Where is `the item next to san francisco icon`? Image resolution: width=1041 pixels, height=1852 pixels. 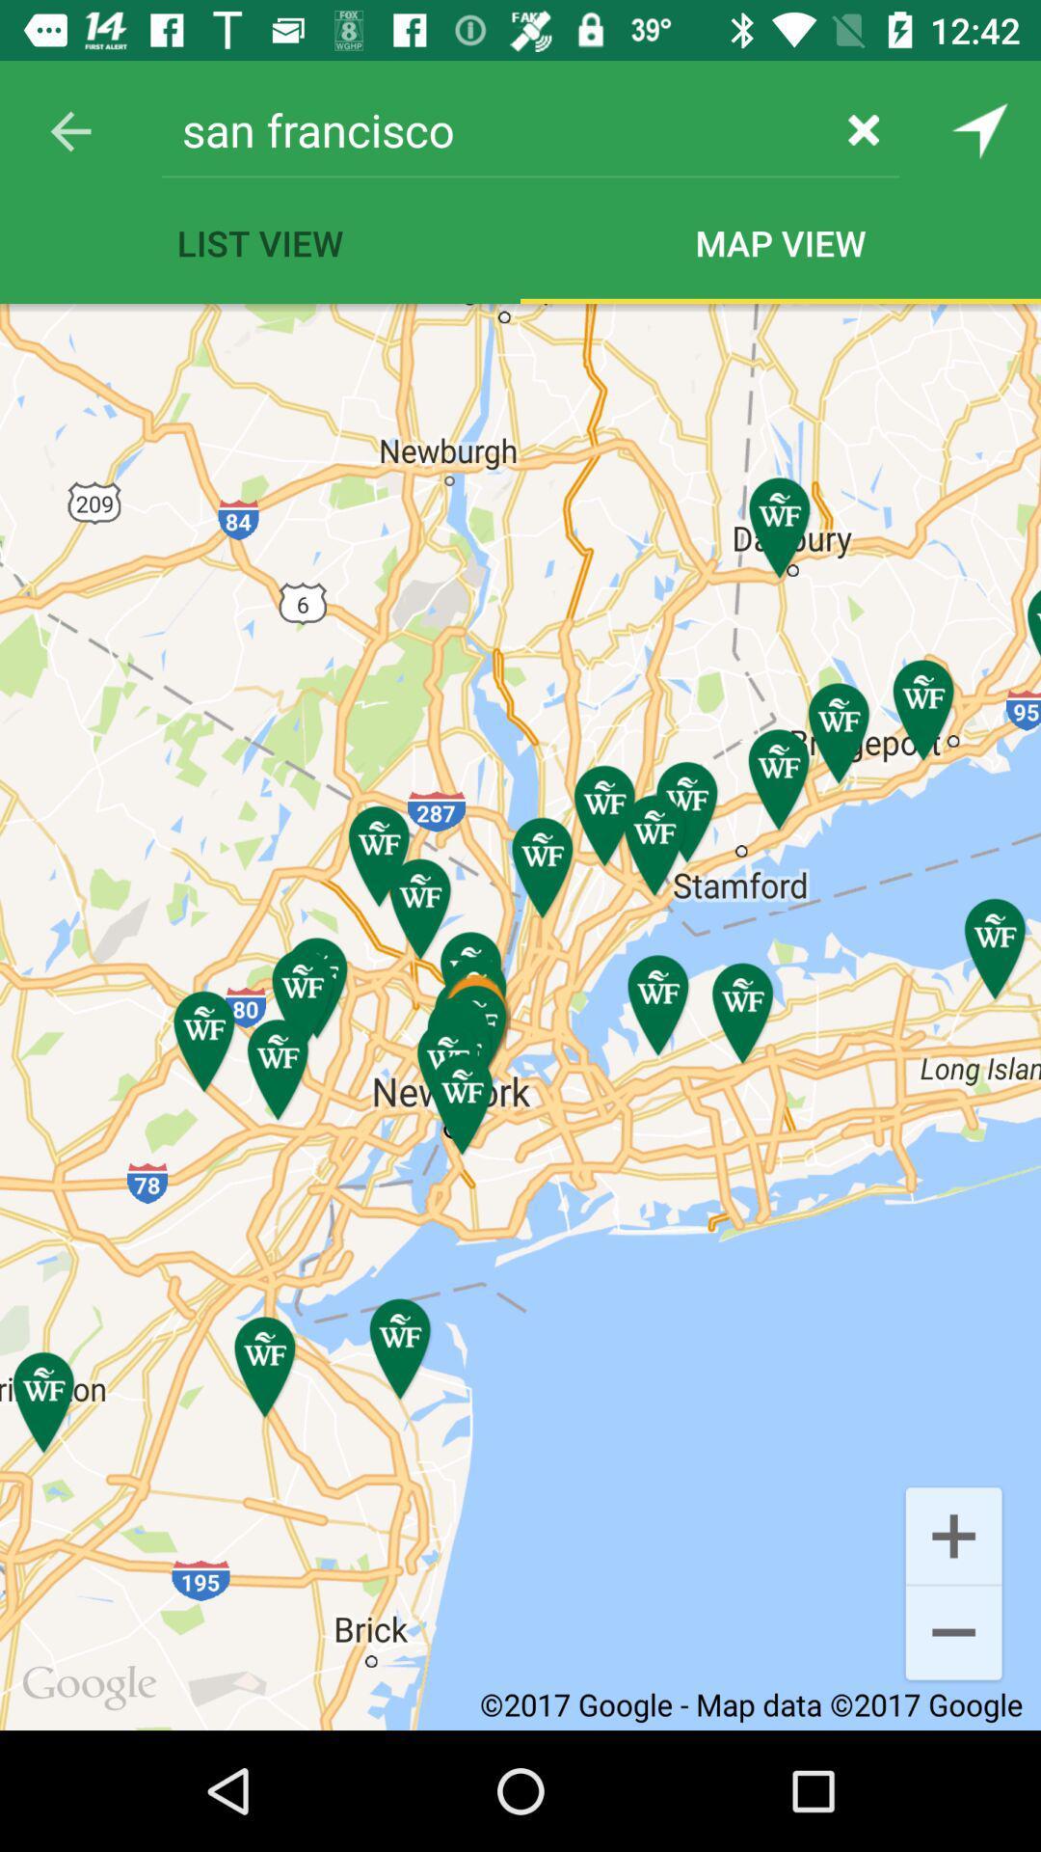
the item next to san francisco icon is located at coordinates (69, 130).